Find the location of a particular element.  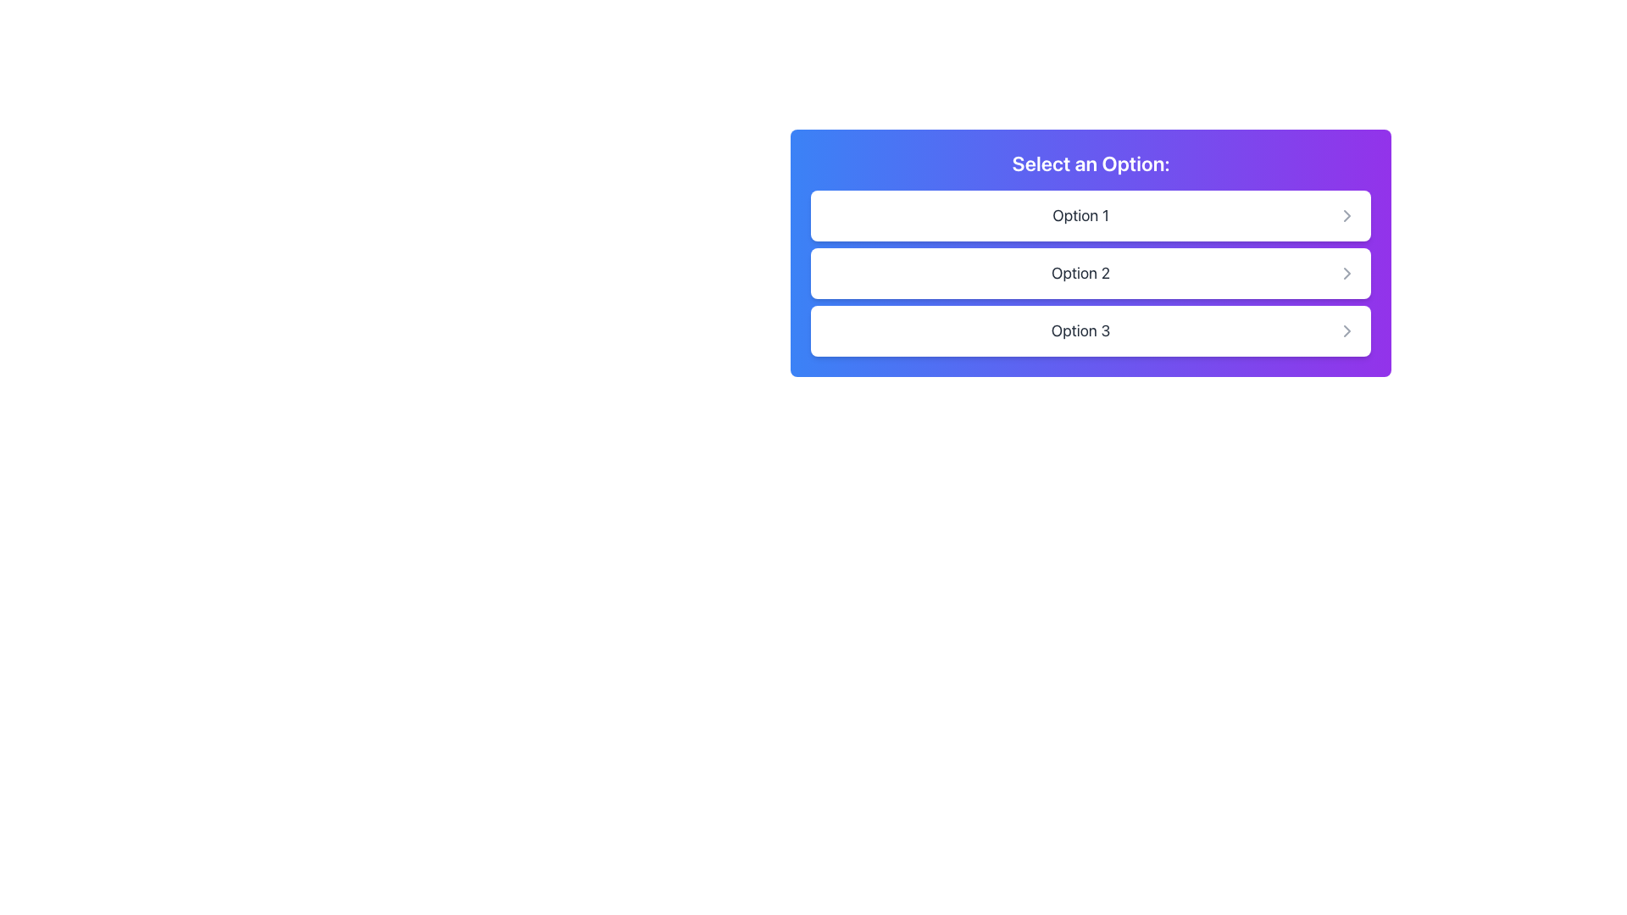

the 'Option 1' button, which is a rectangular button with rounded corners, styled in white with a shadow and contains the text 'Option 1' on the left and an arrow icon on the right is located at coordinates (1091, 214).